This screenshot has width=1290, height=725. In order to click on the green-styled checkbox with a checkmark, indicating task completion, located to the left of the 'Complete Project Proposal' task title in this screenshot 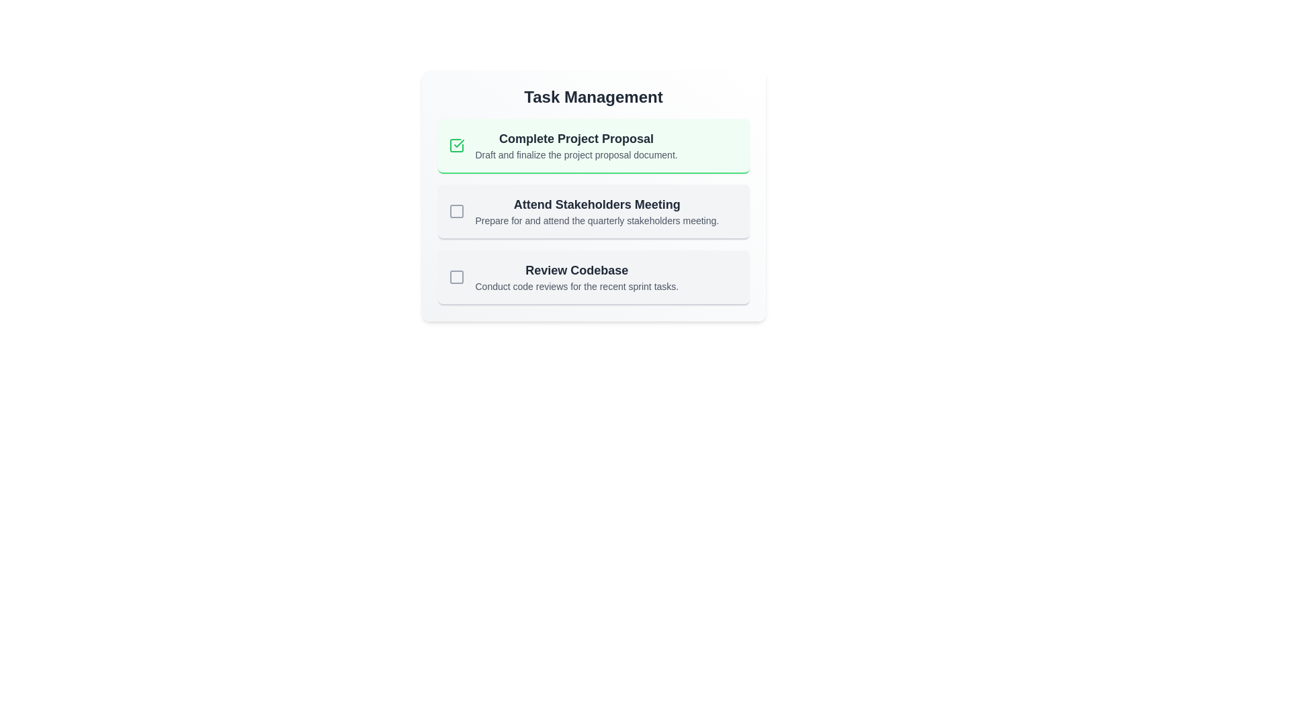, I will do `click(456, 145)`.